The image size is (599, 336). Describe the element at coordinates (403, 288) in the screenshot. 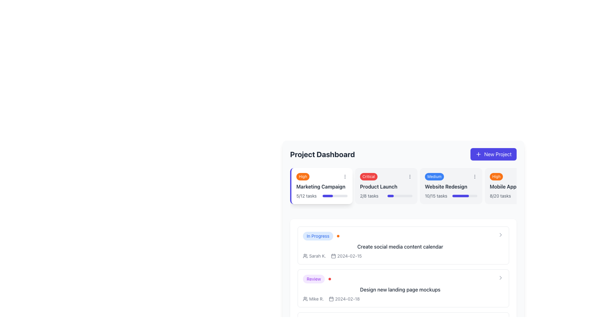

I see `the task title in the 'Review' task group` at that location.